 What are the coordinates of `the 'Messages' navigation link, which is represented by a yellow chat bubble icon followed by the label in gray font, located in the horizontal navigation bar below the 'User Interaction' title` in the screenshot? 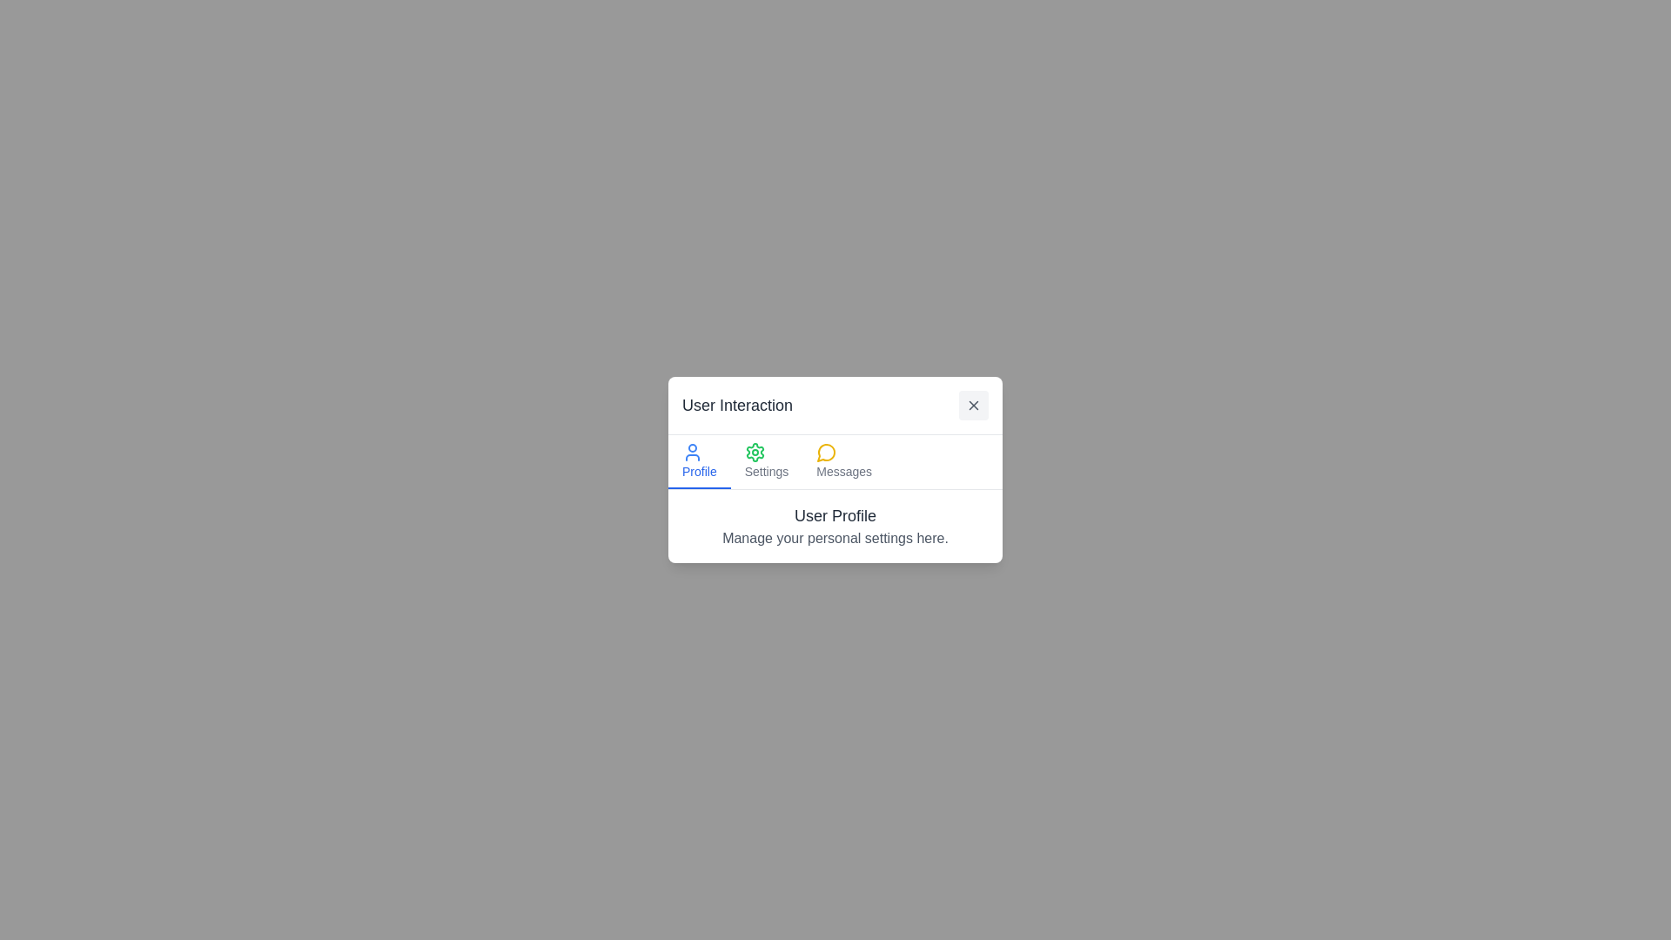 It's located at (844, 461).